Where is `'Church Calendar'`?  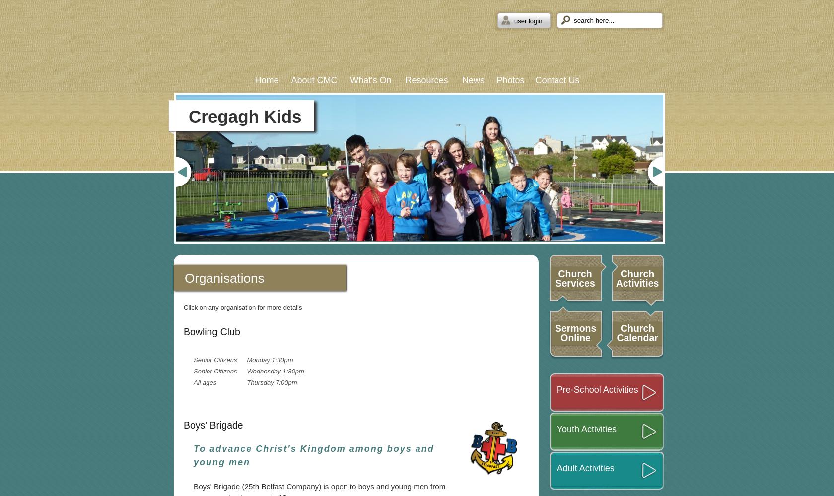
'Church Calendar' is located at coordinates (617, 333).